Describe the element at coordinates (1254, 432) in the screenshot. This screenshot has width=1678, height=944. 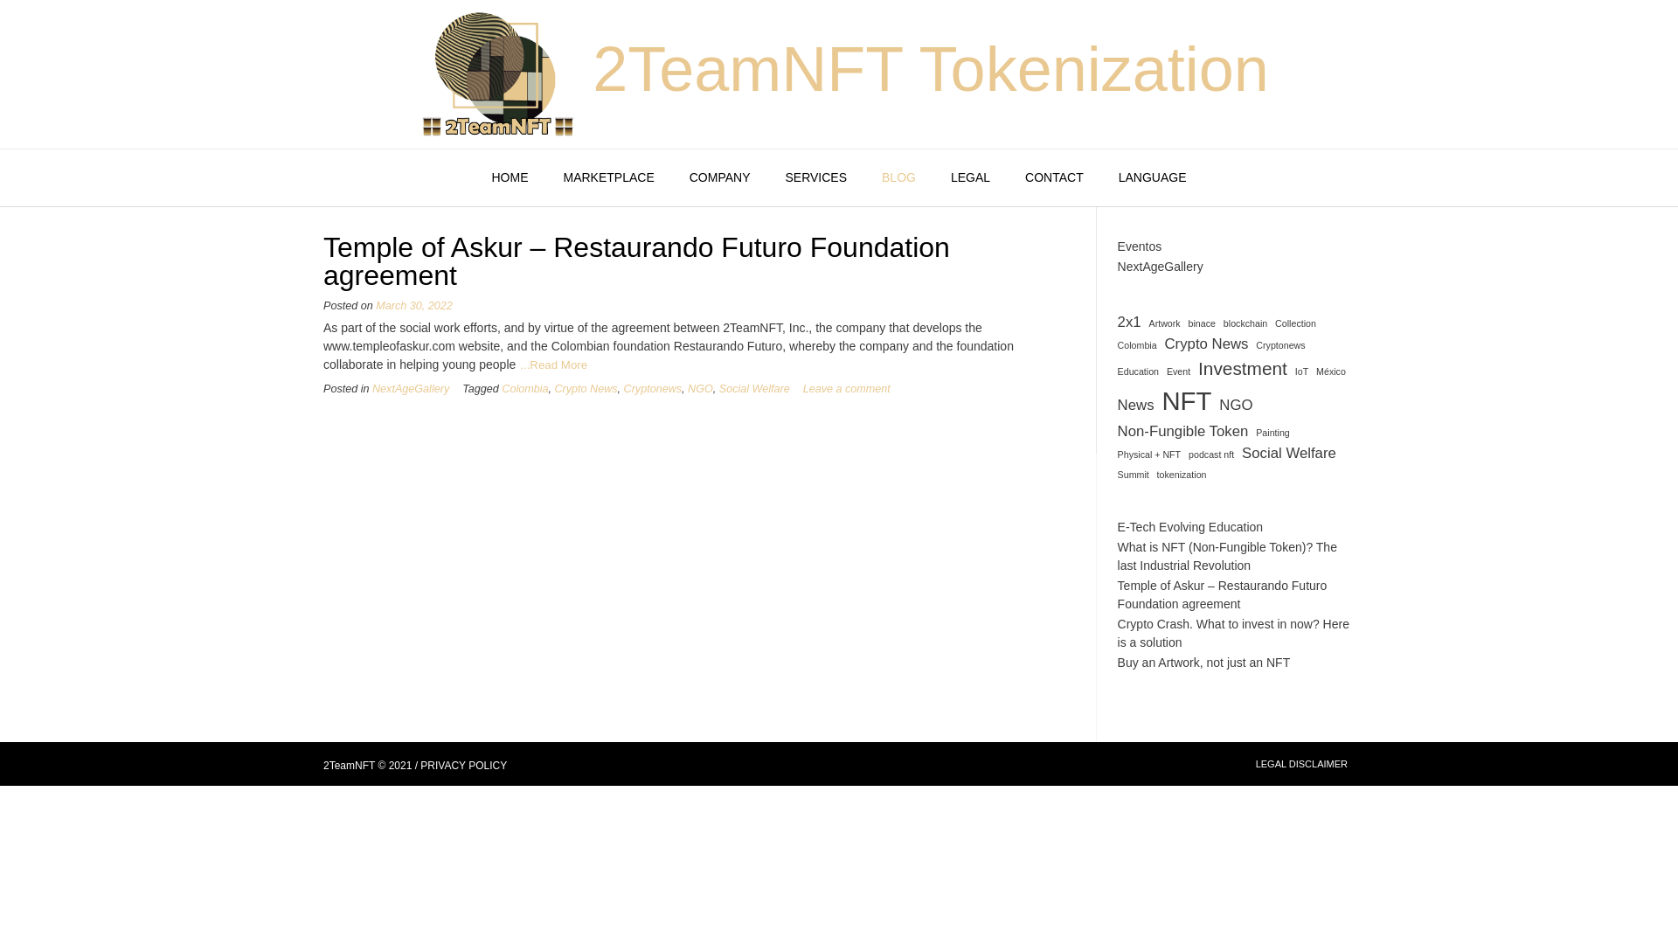
I see `'Painting'` at that location.